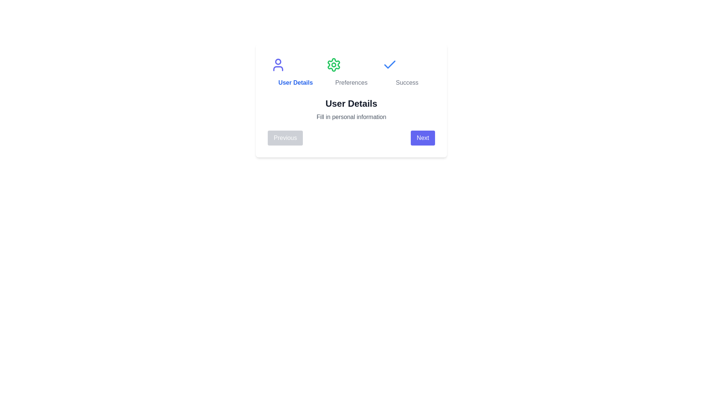 This screenshot has width=717, height=403. Describe the element at coordinates (295, 72) in the screenshot. I see `the step titled 'User Details' to view its details` at that location.